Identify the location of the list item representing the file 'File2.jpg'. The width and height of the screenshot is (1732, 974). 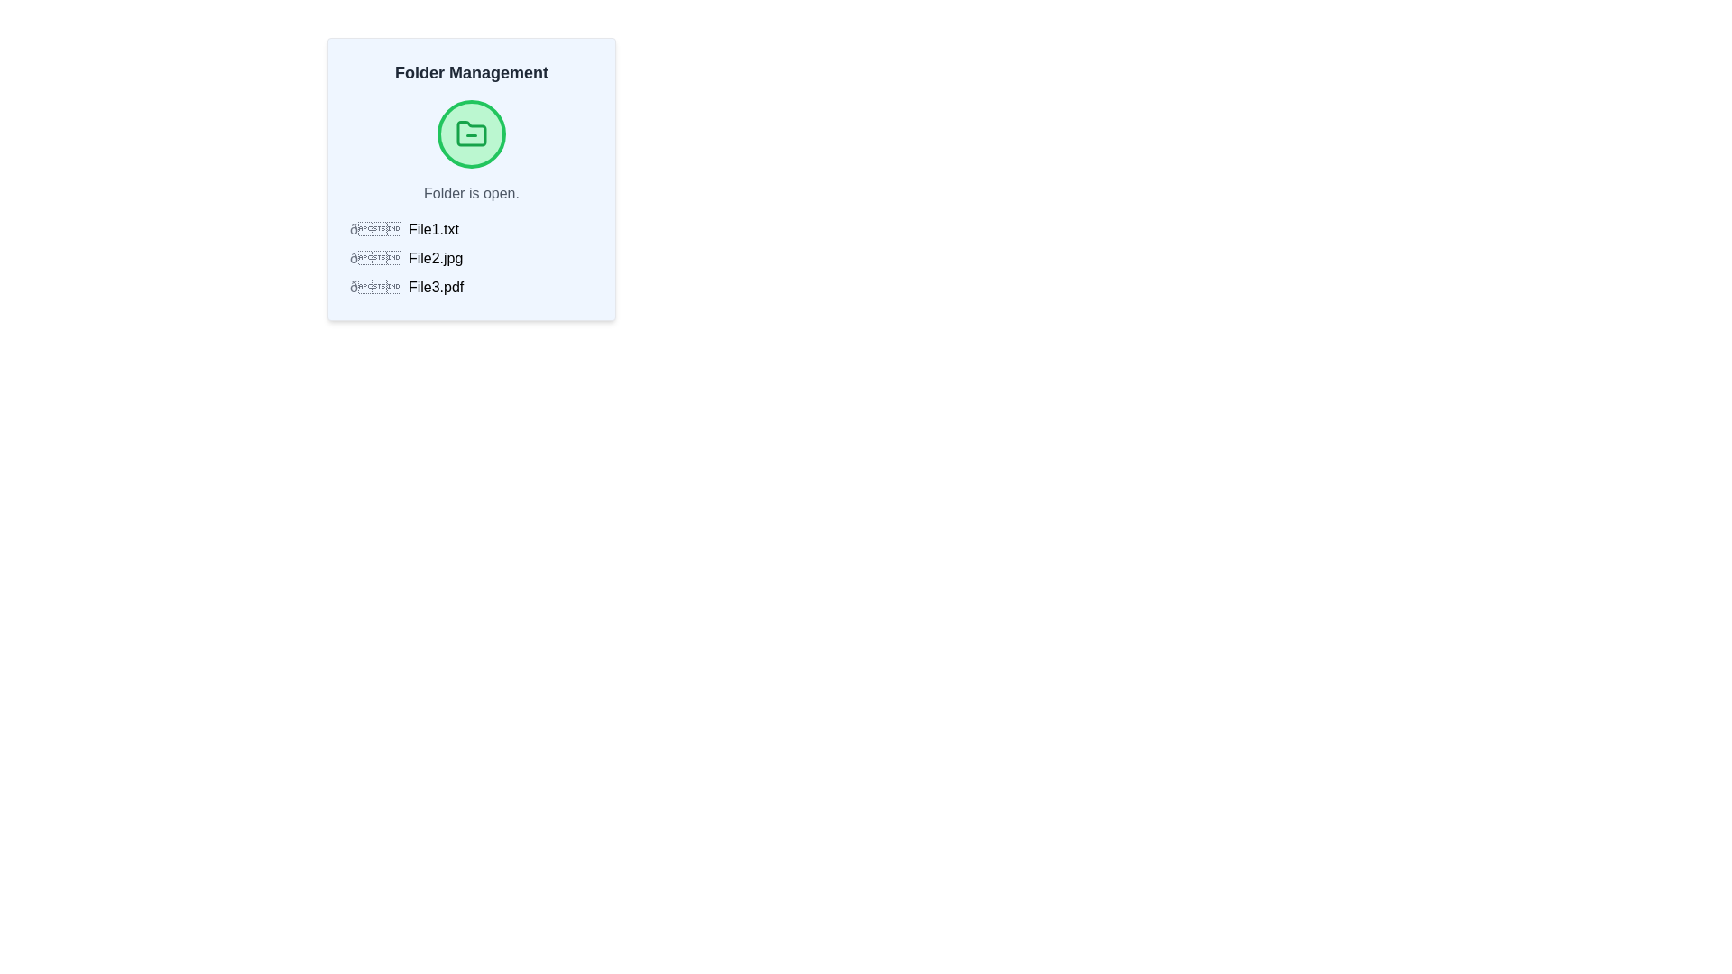
(472, 258).